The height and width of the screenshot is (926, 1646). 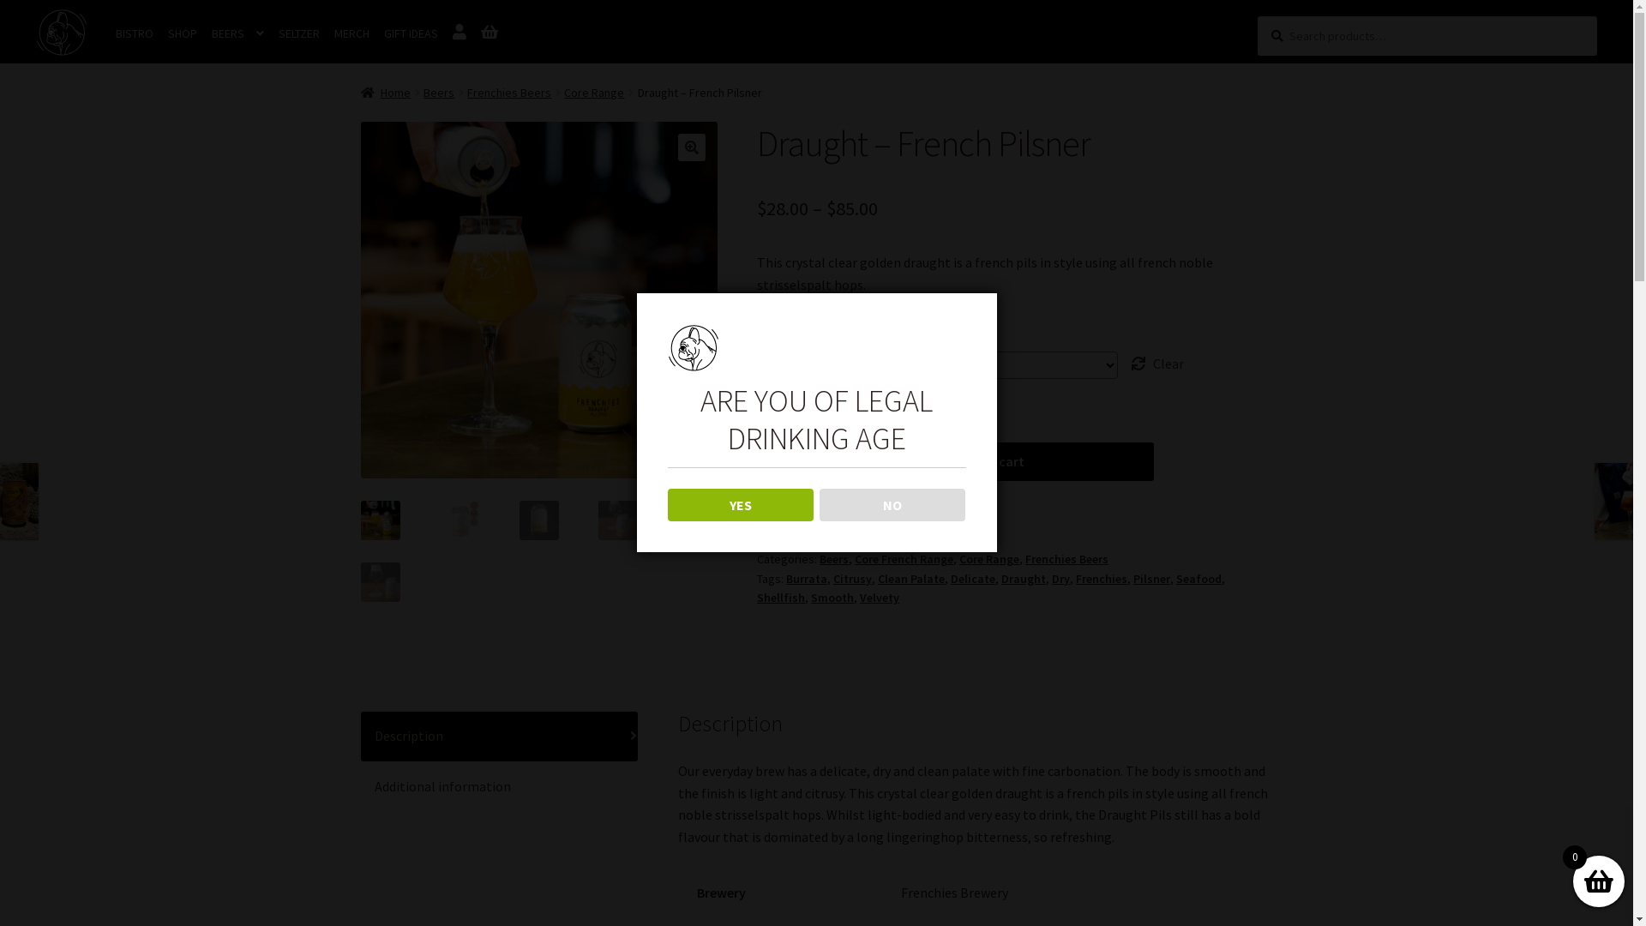 What do you see at coordinates (498, 736) in the screenshot?
I see `'Description'` at bounding box center [498, 736].